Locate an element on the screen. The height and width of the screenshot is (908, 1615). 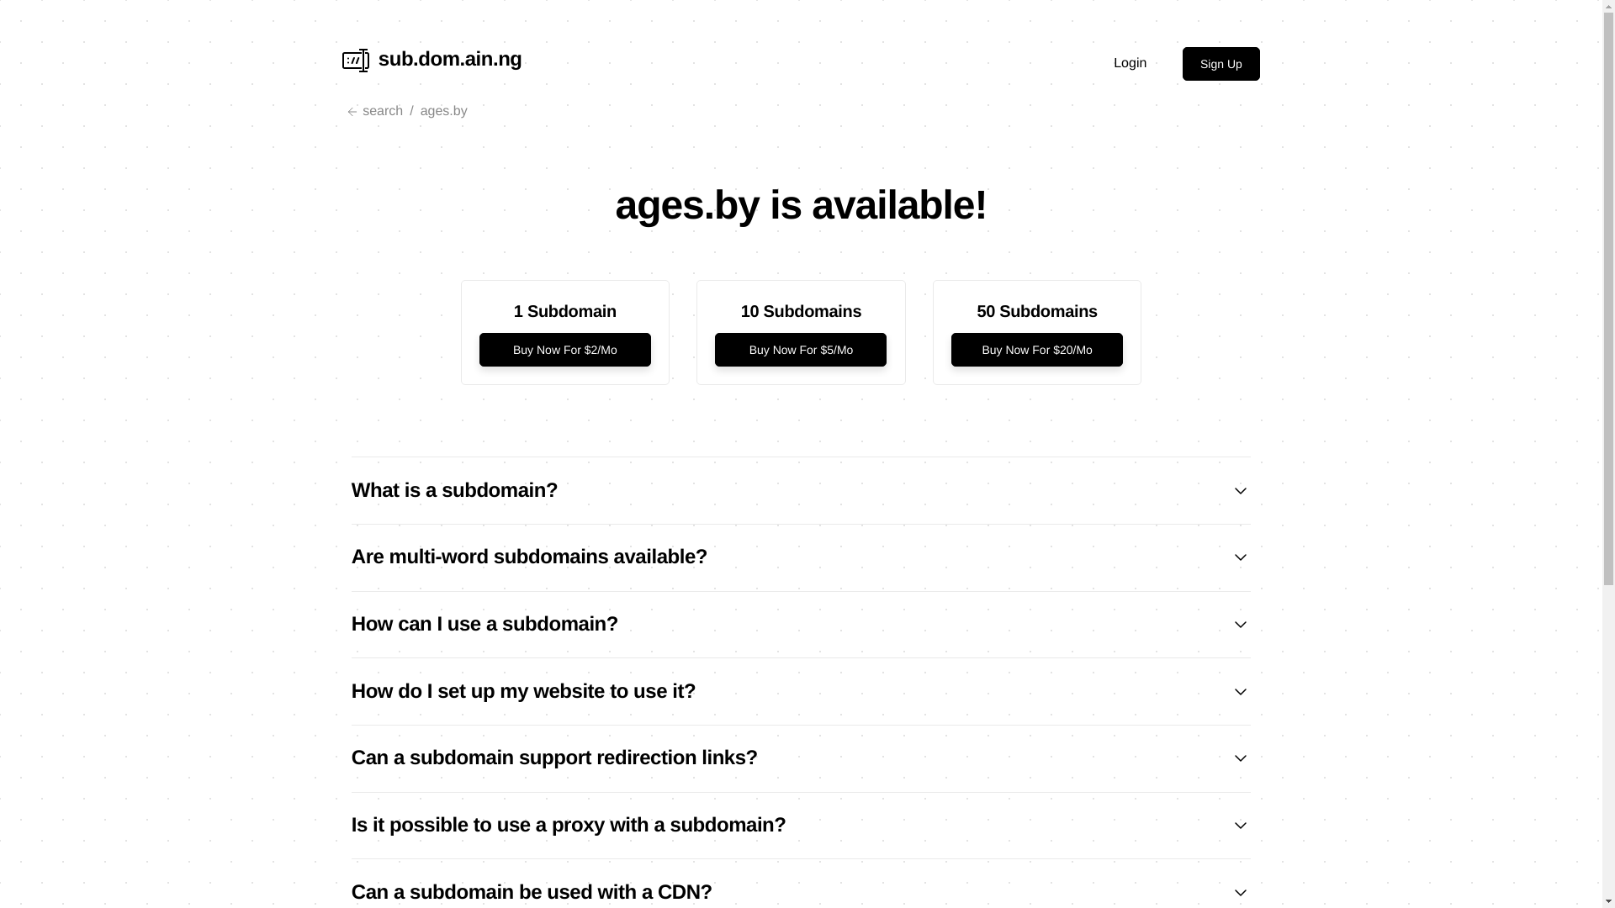
'Sign Up' is located at coordinates (1221, 63).